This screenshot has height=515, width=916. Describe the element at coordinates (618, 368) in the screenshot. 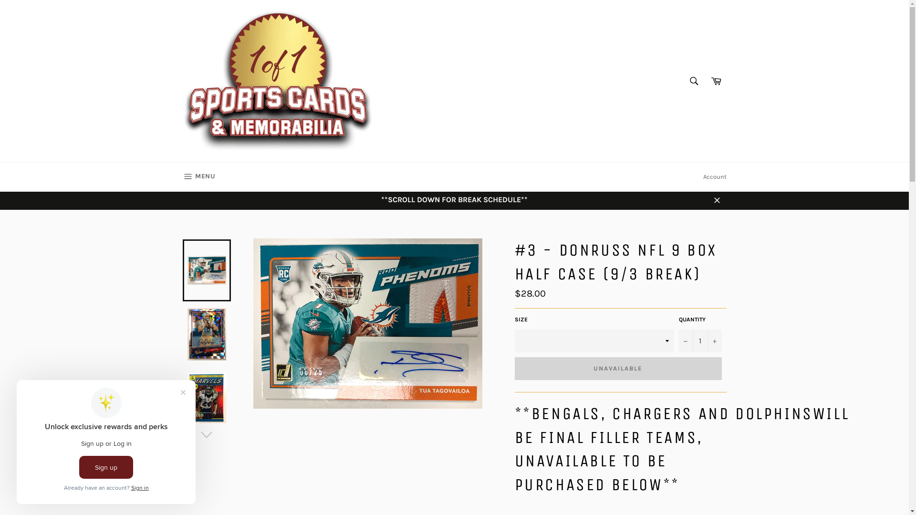

I see `'UNAVAILABLE'` at that location.